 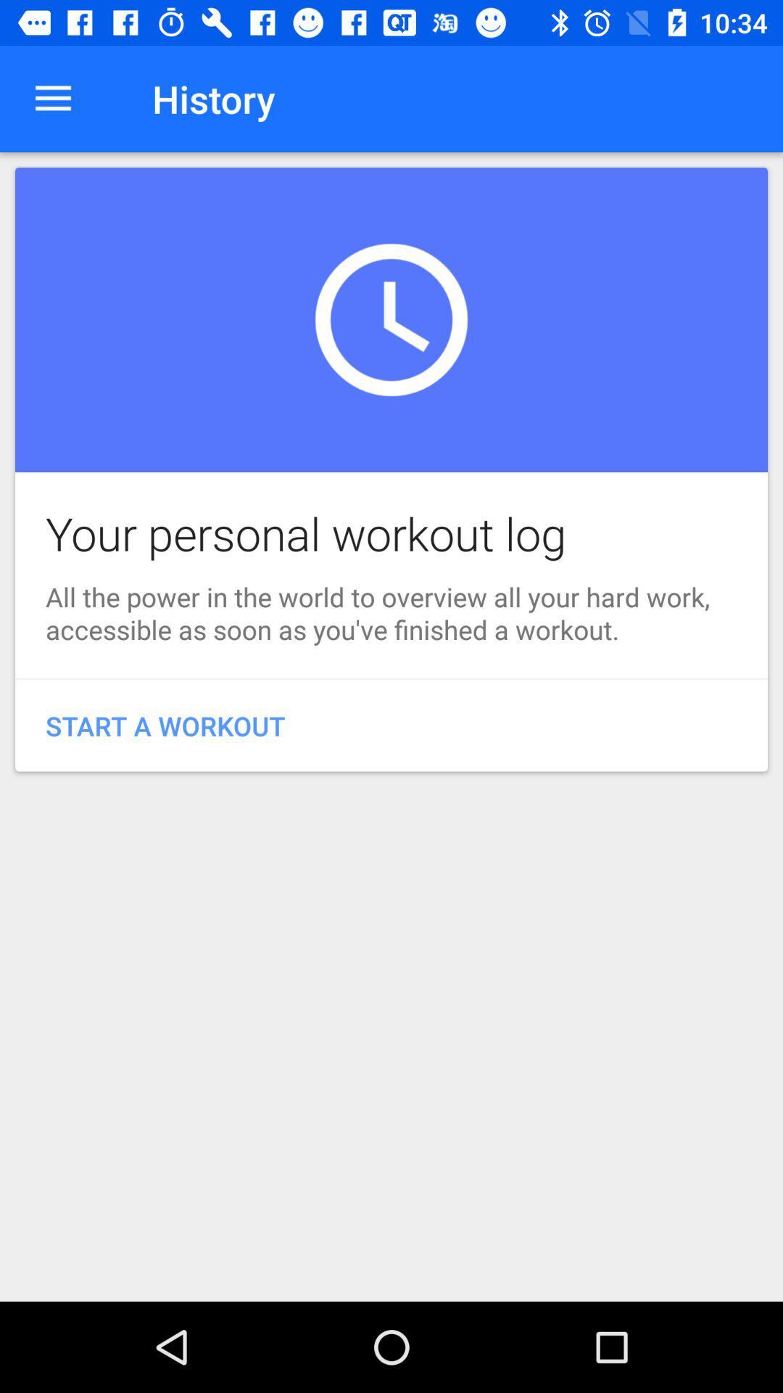 What do you see at coordinates (52, 98) in the screenshot?
I see `item to the left of the history item` at bounding box center [52, 98].